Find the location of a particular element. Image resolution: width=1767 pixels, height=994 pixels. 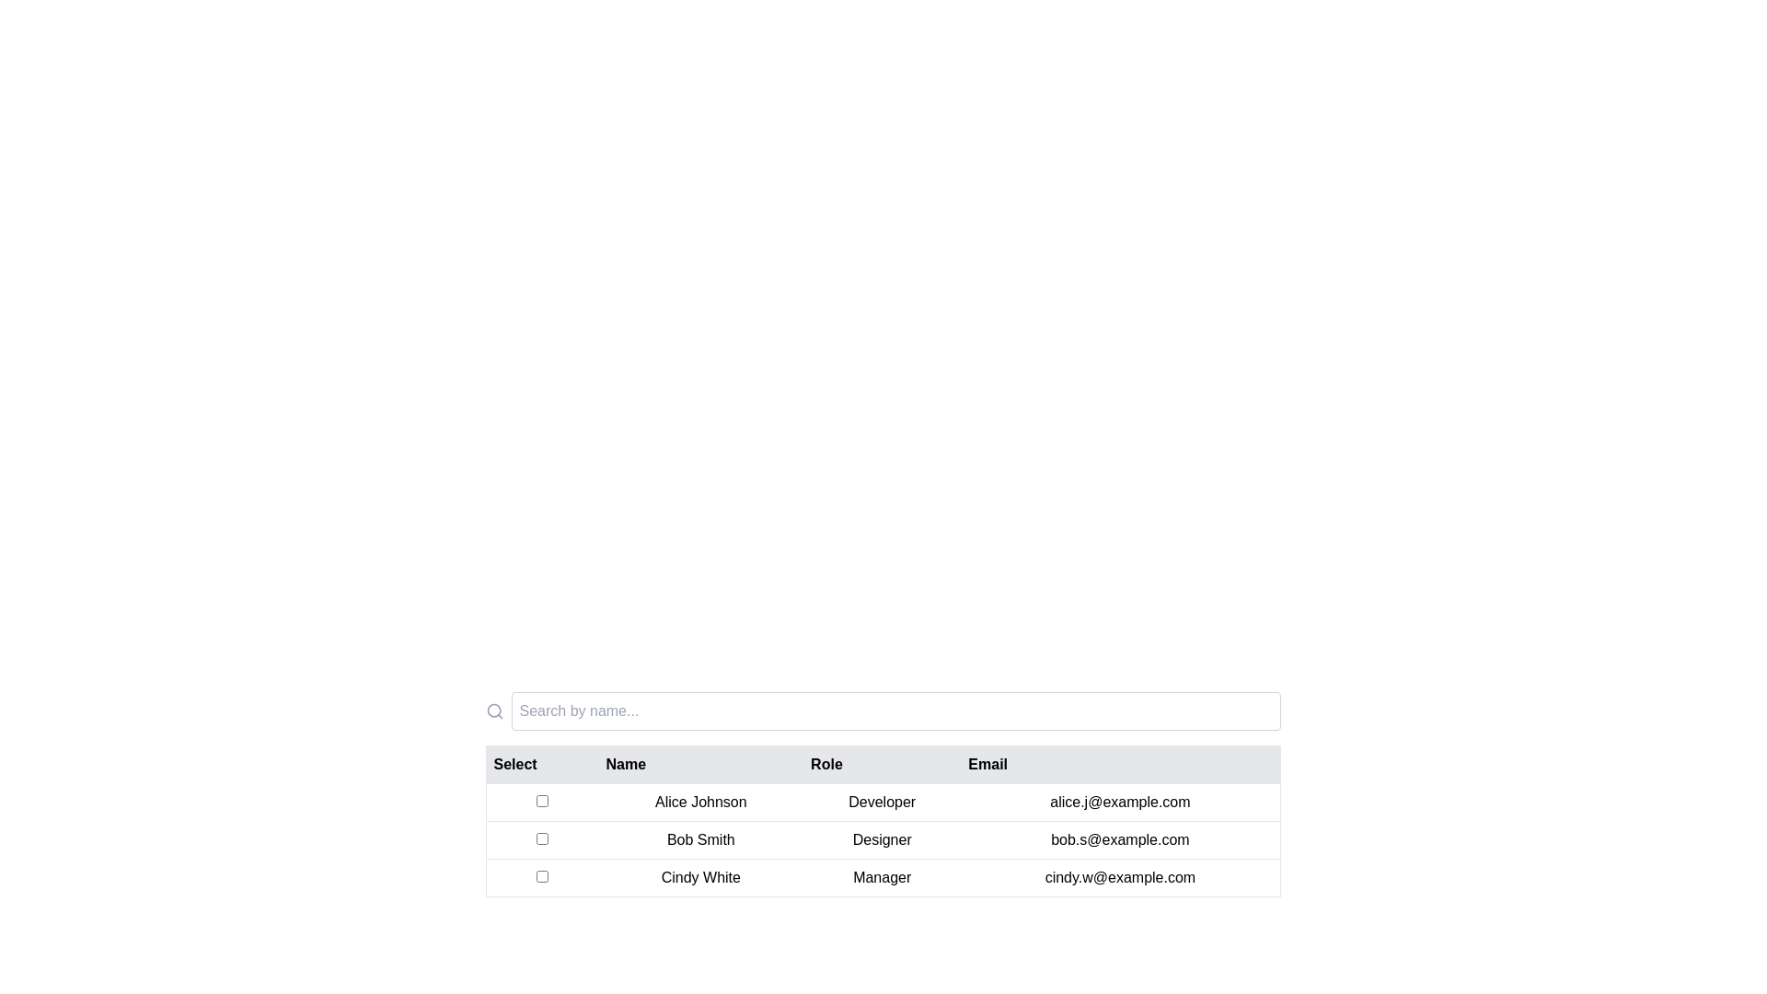

the checkbox in the 'Select' column for Cindy White, which is the third checkbox in the table is located at coordinates (541, 875).